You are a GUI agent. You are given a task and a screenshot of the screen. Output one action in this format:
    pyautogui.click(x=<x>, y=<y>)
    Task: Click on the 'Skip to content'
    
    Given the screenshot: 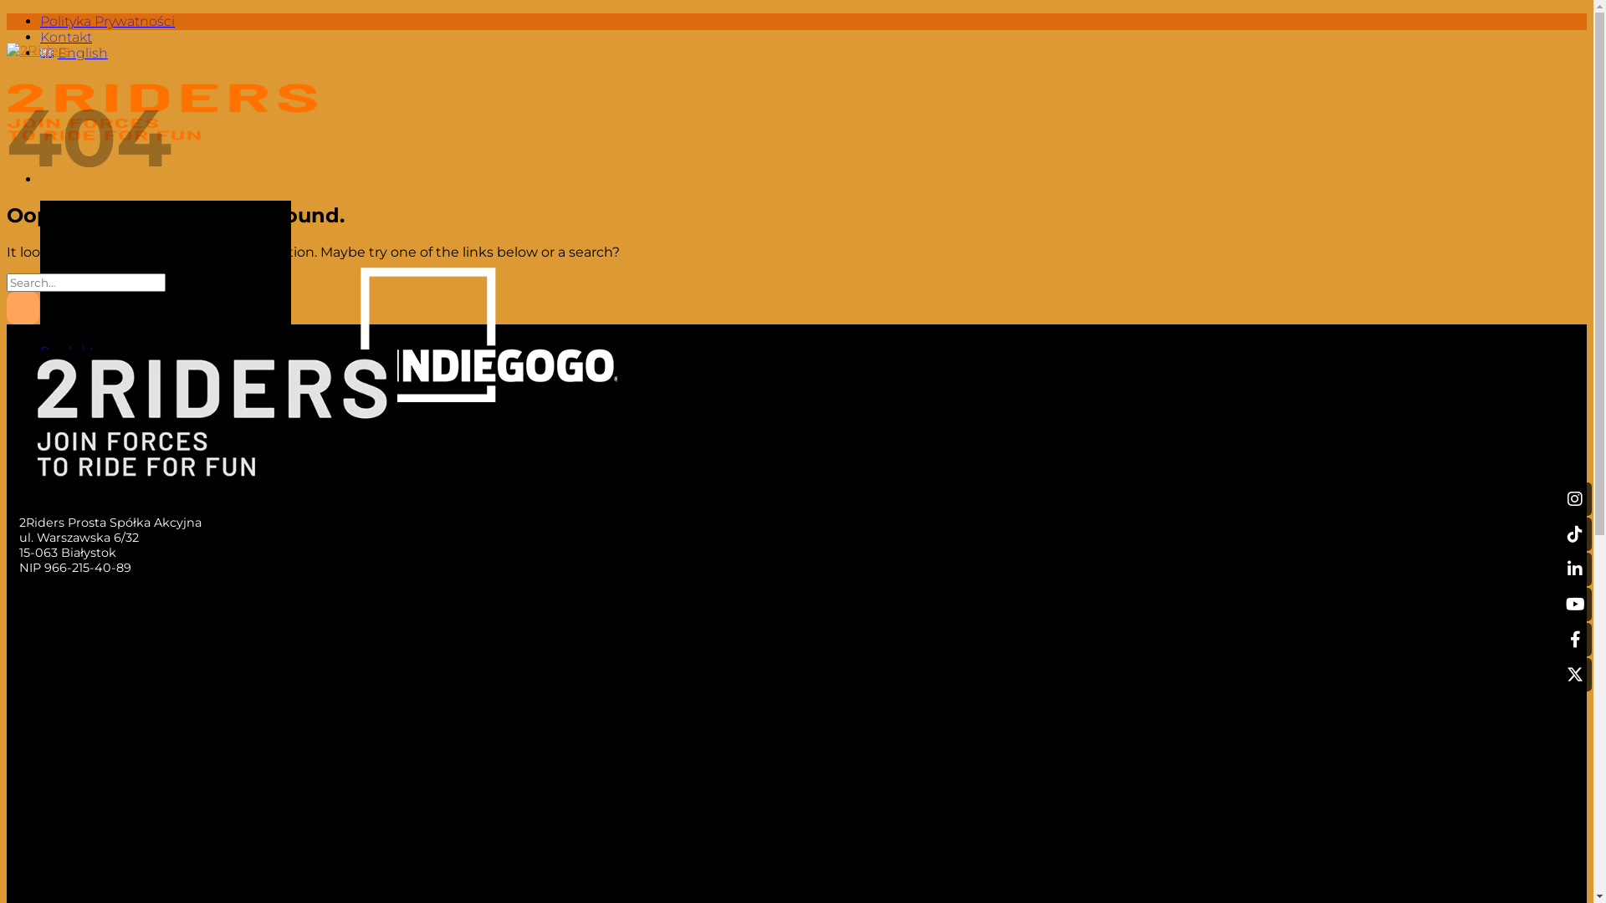 What is the action you would take?
    pyautogui.click(x=6, y=13)
    